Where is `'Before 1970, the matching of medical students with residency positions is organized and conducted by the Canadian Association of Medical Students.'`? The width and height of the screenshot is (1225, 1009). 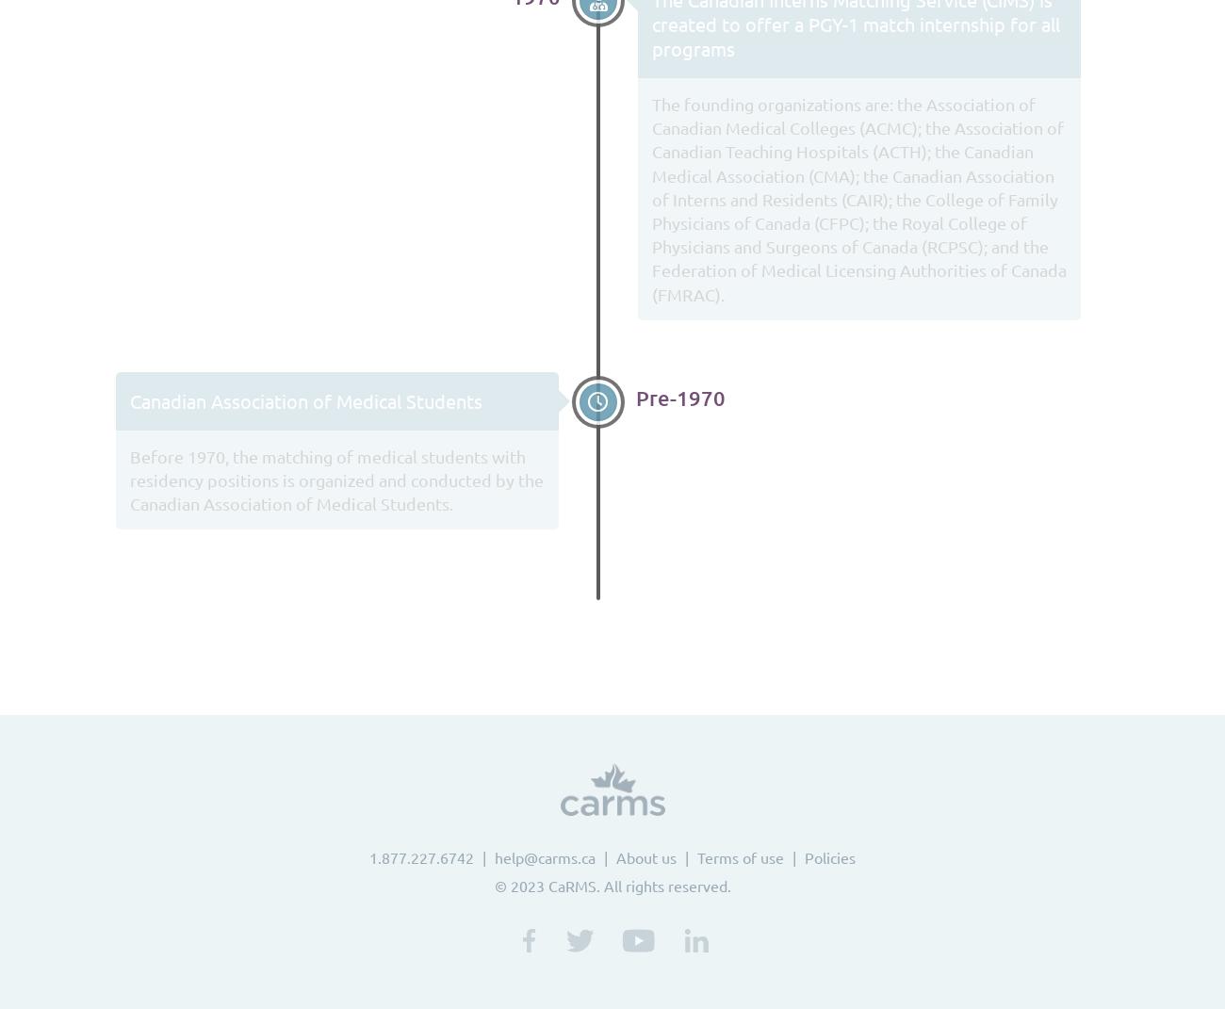
'Before 1970, the matching of medical students with residency positions is organized and conducted by the Canadian Association of Medical Students.' is located at coordinates (335, 479).